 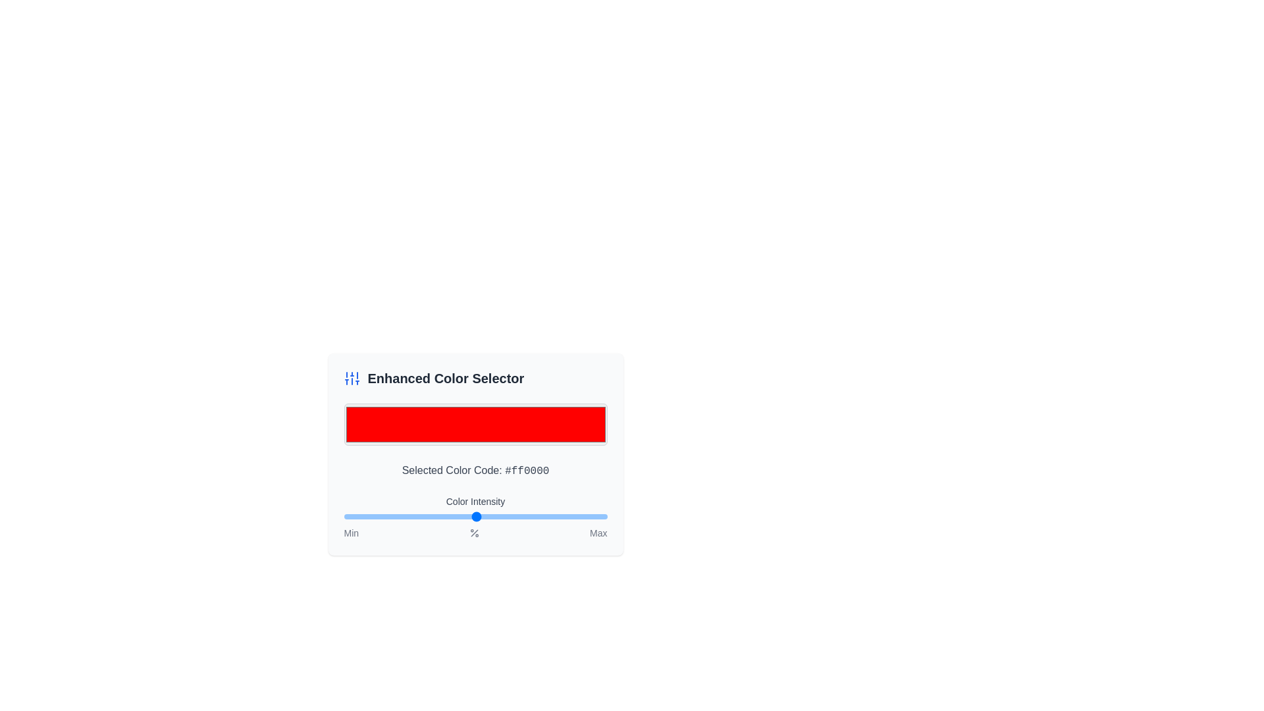 What do you see at coordinates (375, 516) in the screenshot?
I see `the slider value` at bounding box center [375, 516].